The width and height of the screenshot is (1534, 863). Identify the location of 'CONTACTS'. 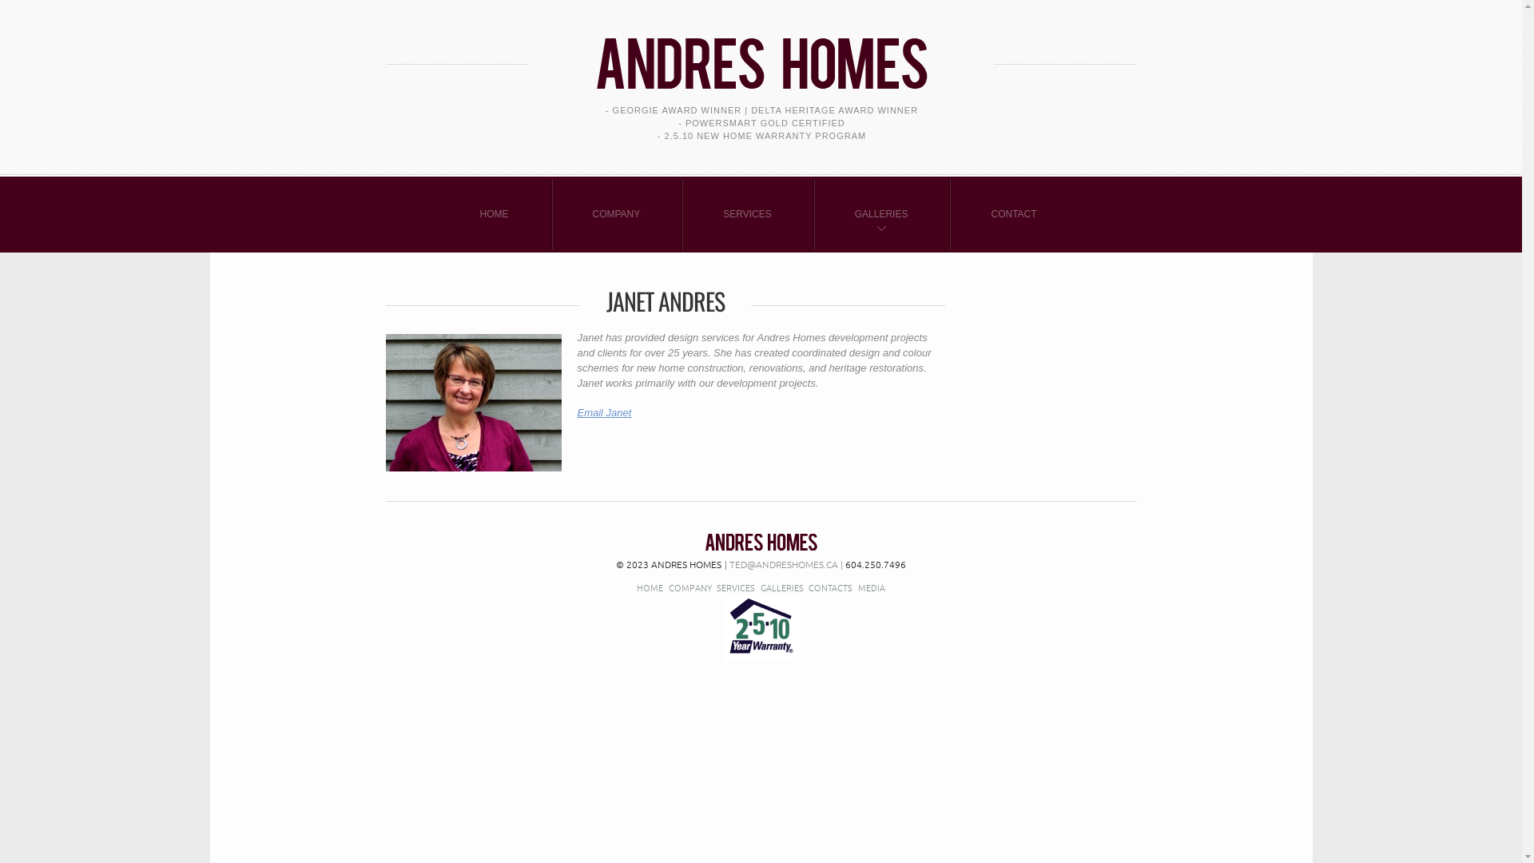
(830, 587).